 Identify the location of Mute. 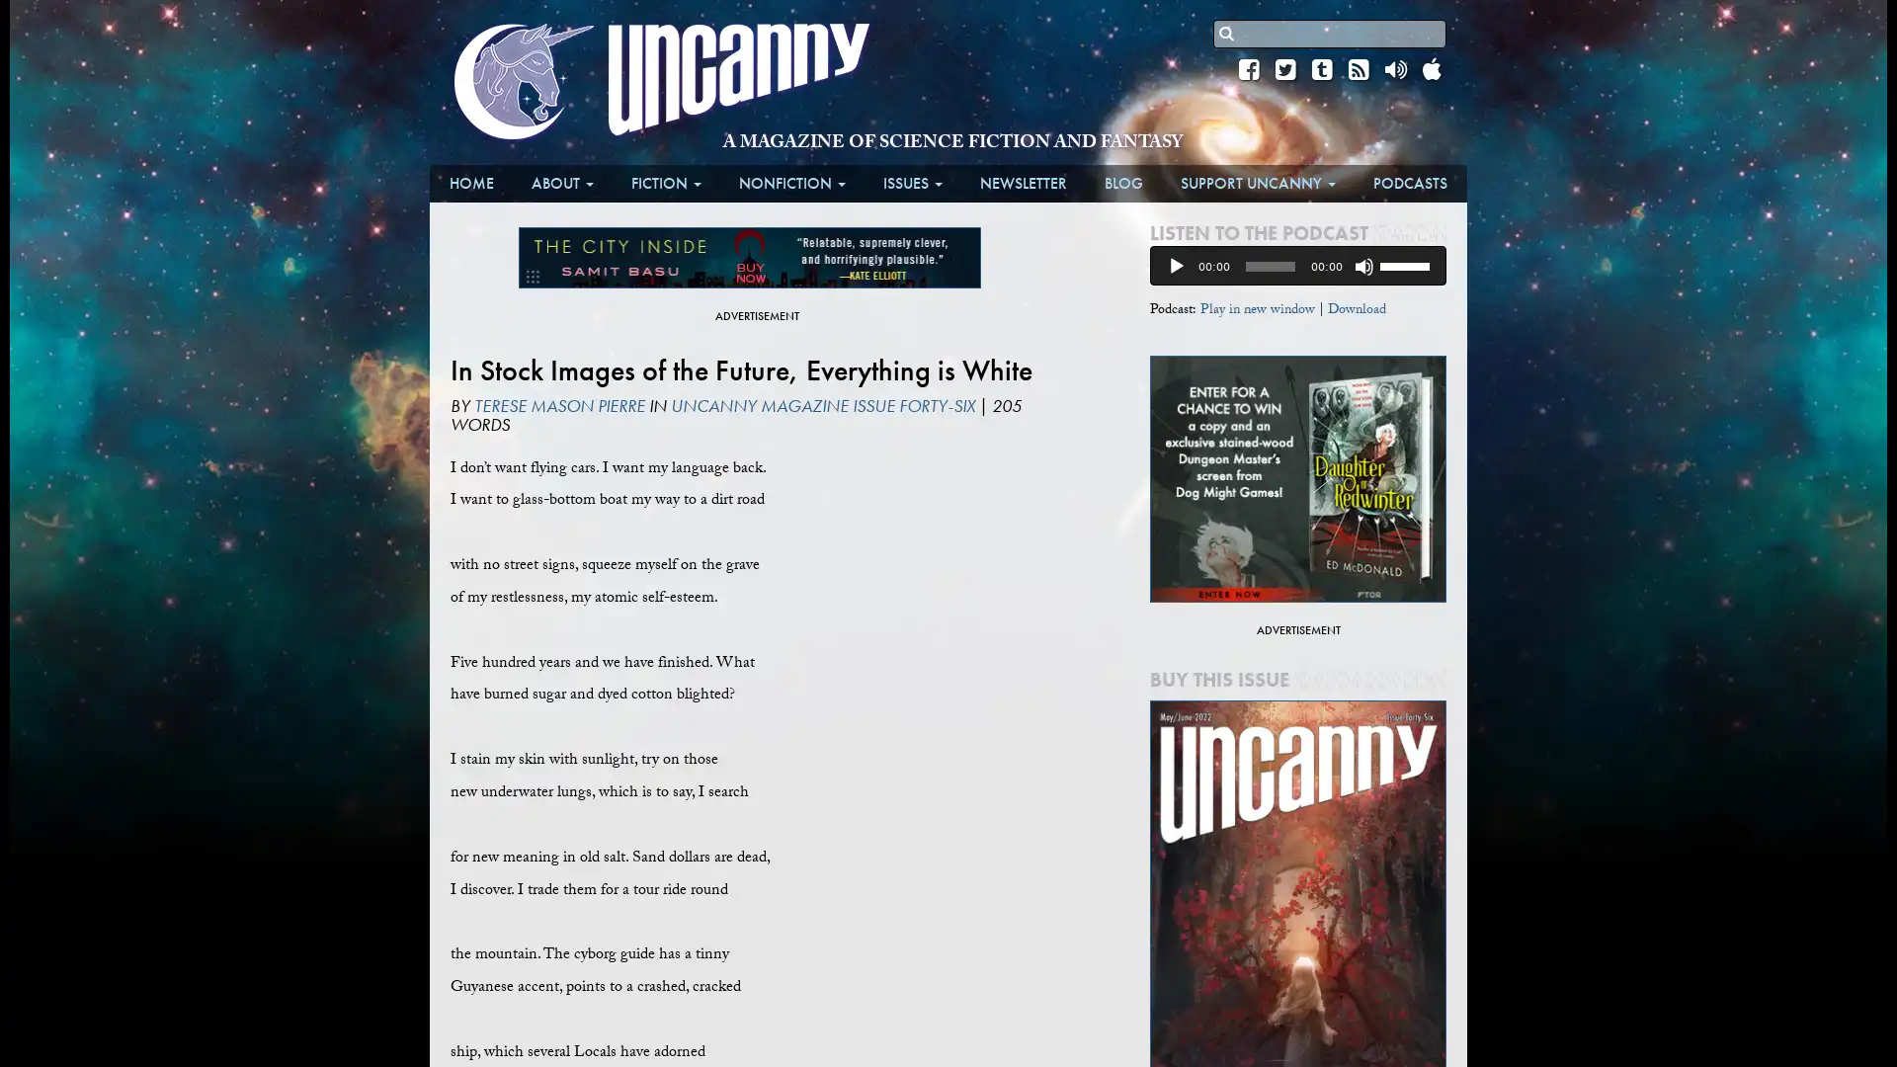
(1363, 267).